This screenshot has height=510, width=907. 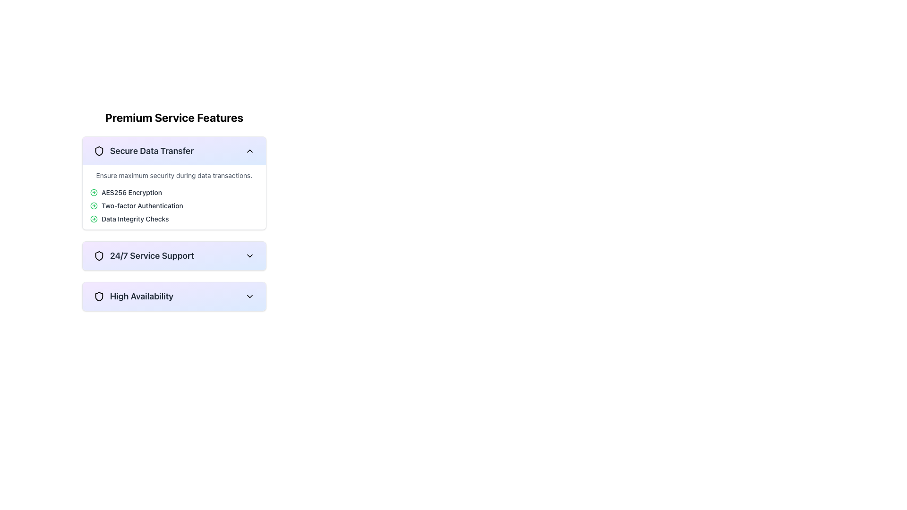 I want to click on the chevron icon in the top-right corner of the 'Secure Data Transfer' section, so click(x=249, y=151).